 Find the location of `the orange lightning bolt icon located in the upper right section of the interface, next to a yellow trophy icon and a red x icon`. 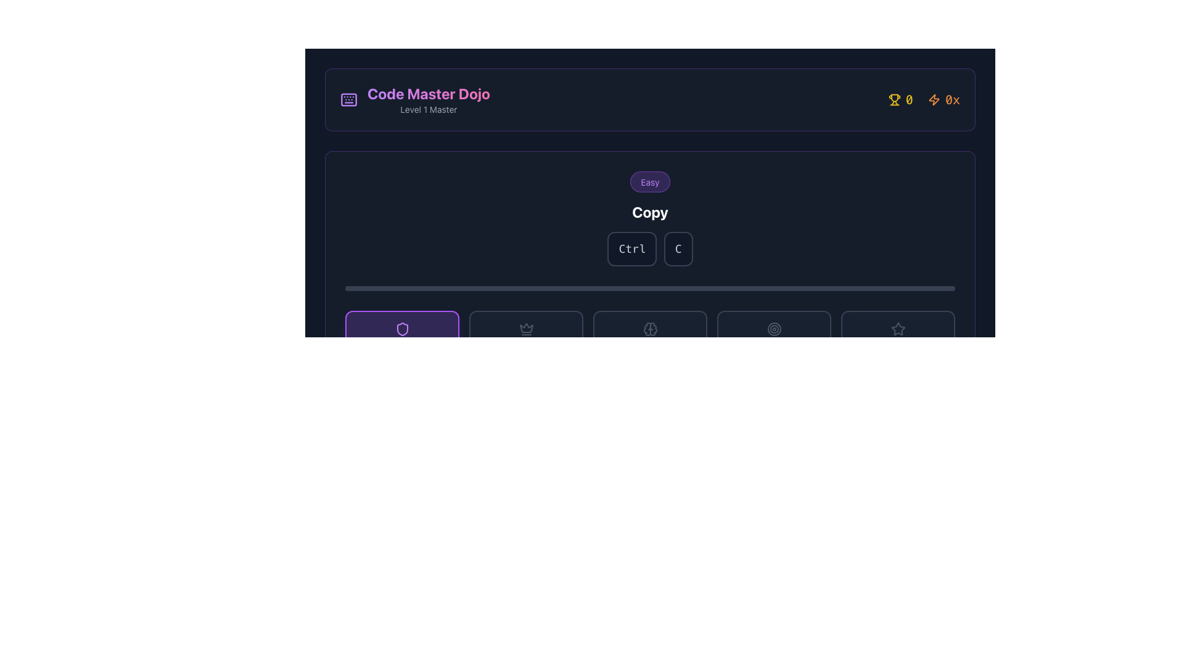

the orange lightning bolt icon located in the upper right section of the interface, next to a yellow trophy icon and a red x icon is located at coordinates (934, 99).